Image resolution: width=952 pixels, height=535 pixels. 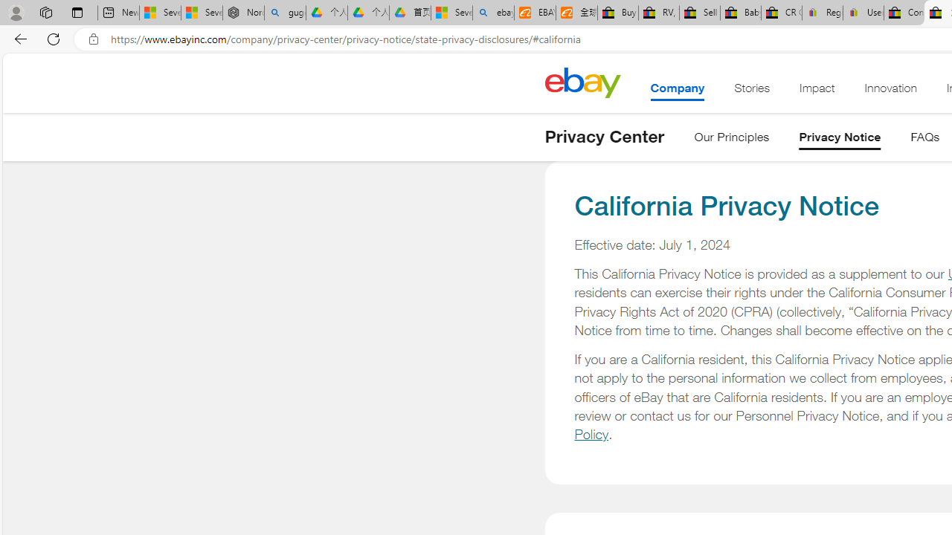 What do you see at coordinates (698, 13) in the screenshot?
I see `'Sell worldwide with eBay'` at bounding box center [698, 13].